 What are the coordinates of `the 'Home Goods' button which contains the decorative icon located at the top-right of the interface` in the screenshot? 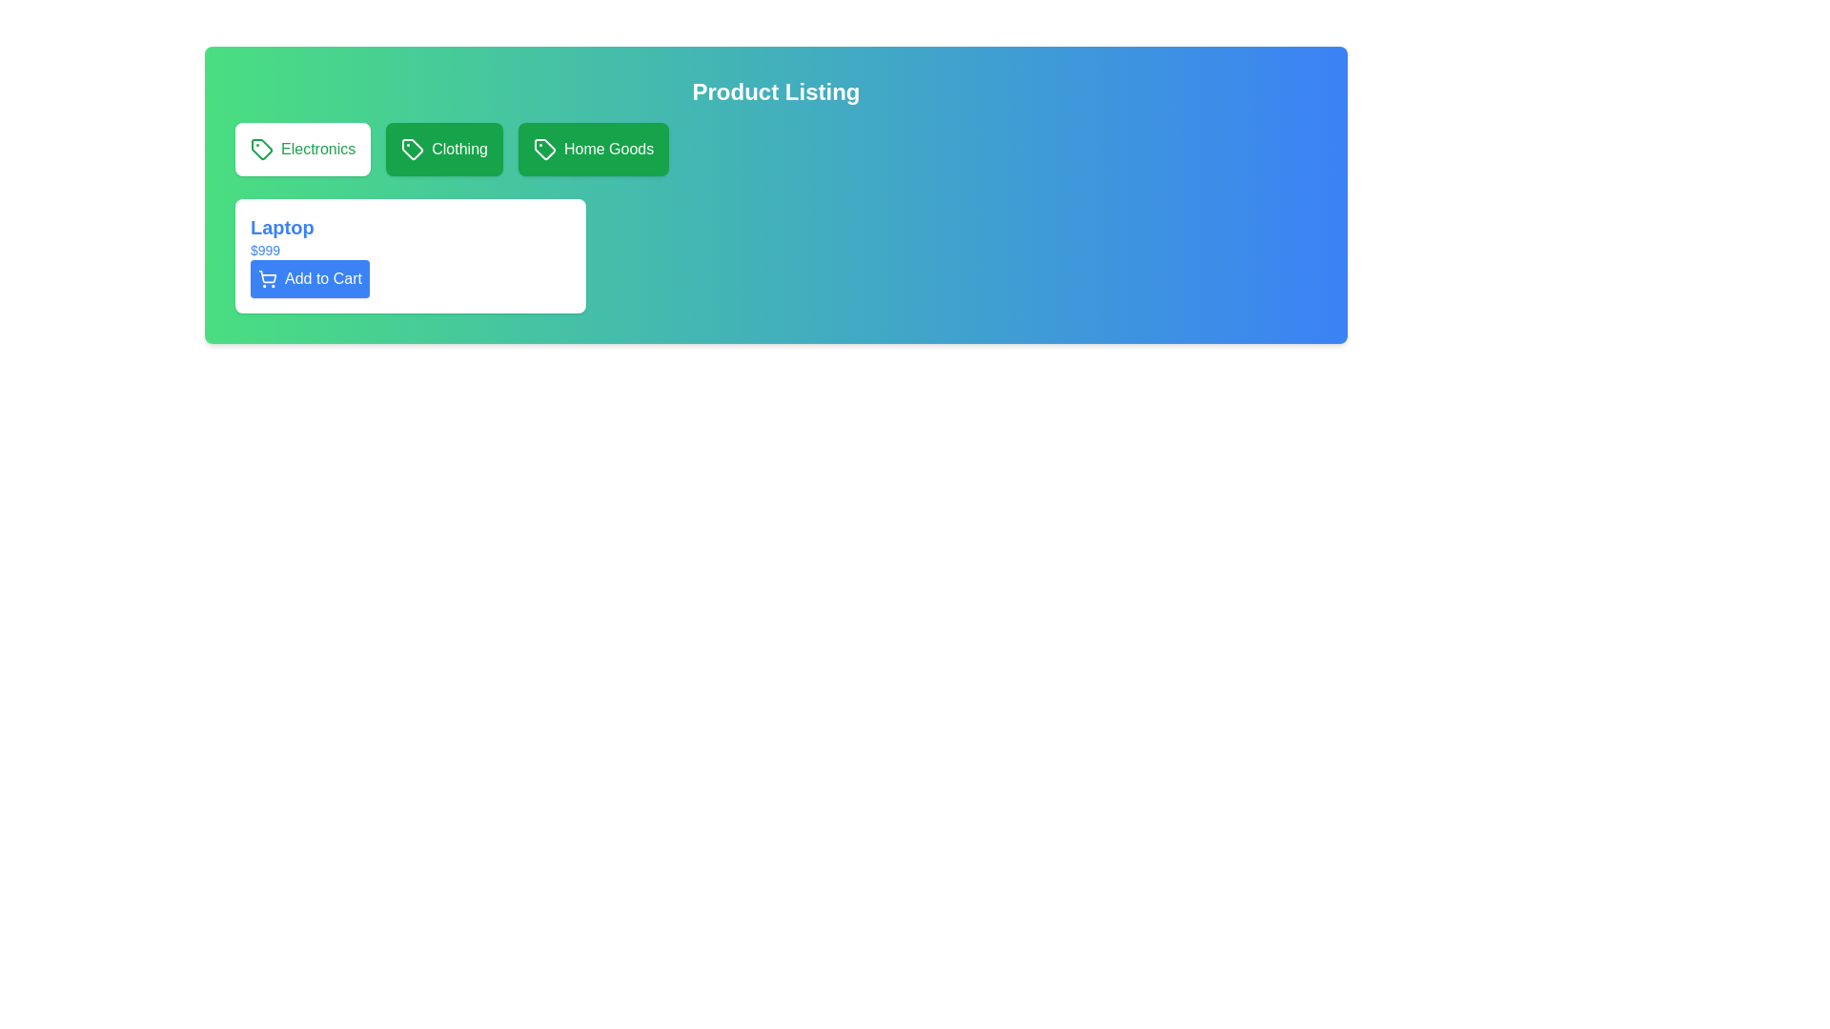 It's located at (543, 149).